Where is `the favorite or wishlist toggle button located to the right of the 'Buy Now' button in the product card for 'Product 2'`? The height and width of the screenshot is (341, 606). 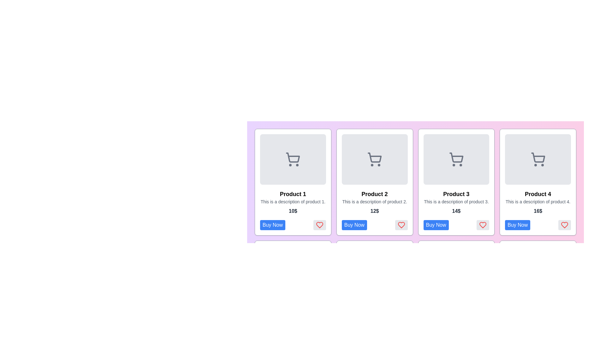 the favorite or wishlist toggle button located to the right of the 'Buy Now' button in the product card for 'Product 2' is located at coordinates (401, 225).